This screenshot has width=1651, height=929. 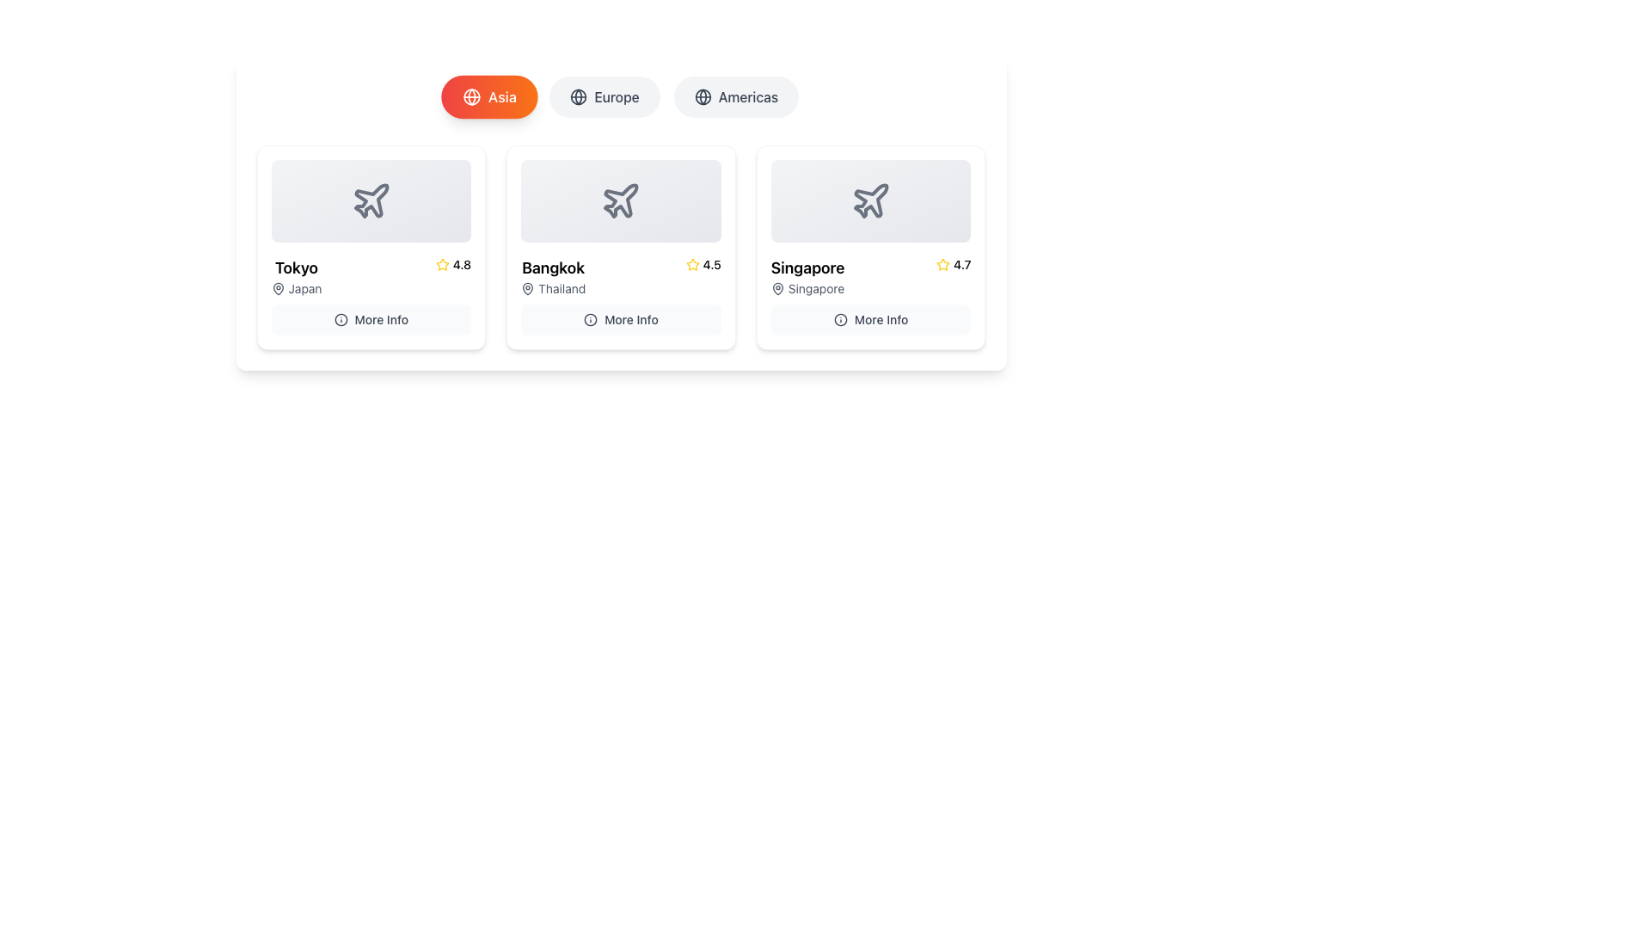 I want to click on the geographical location icon positioned at the top left corner of the card for 'Singapore', which enhances the textual information with a recognizable symbol, so click(x=776, y=287).